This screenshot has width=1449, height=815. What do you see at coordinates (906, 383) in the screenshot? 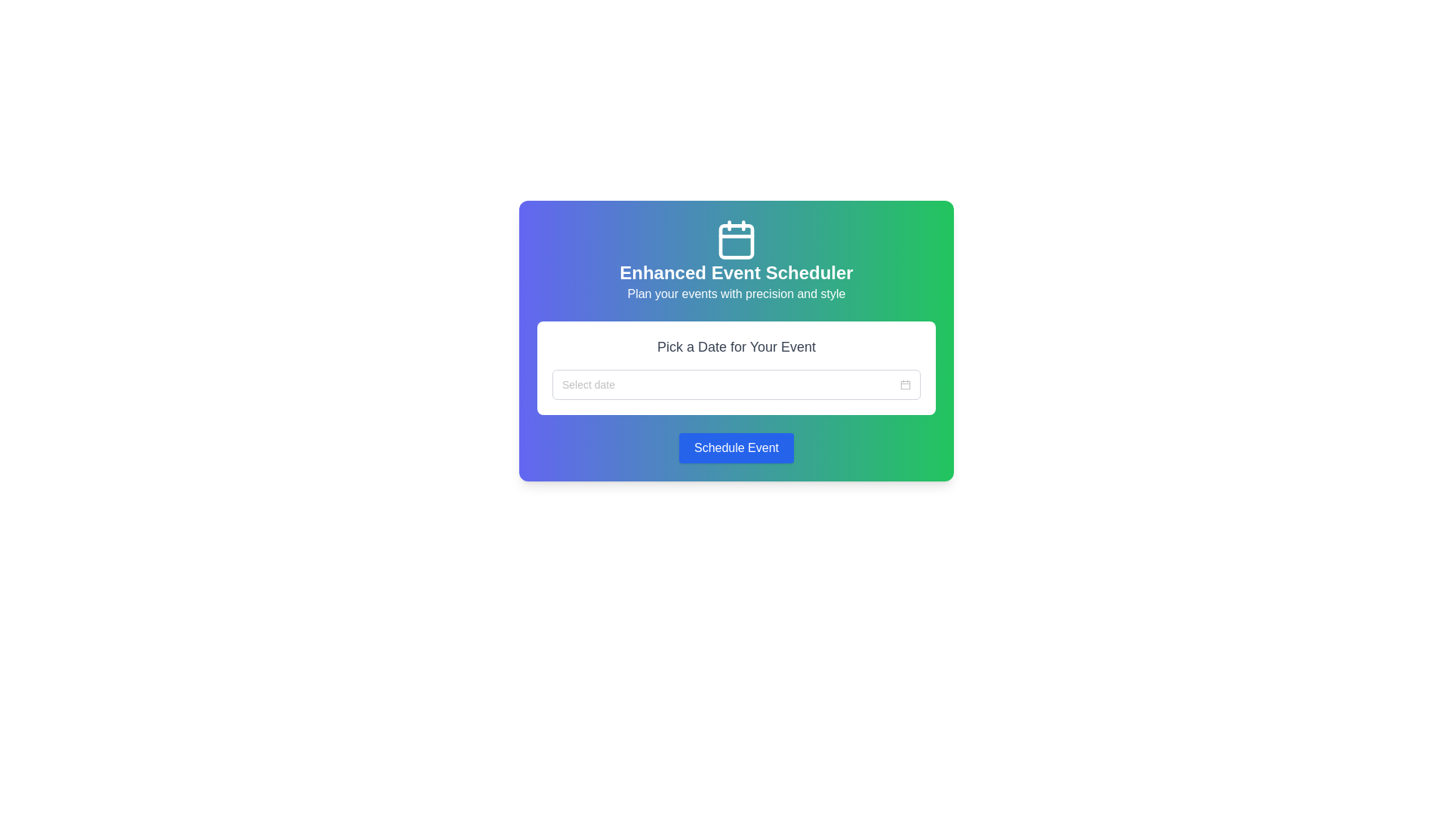
I see `the image button icon located at the far right of the 'Pick a Date for Your Event' input field` at bounding box center [906, 383].